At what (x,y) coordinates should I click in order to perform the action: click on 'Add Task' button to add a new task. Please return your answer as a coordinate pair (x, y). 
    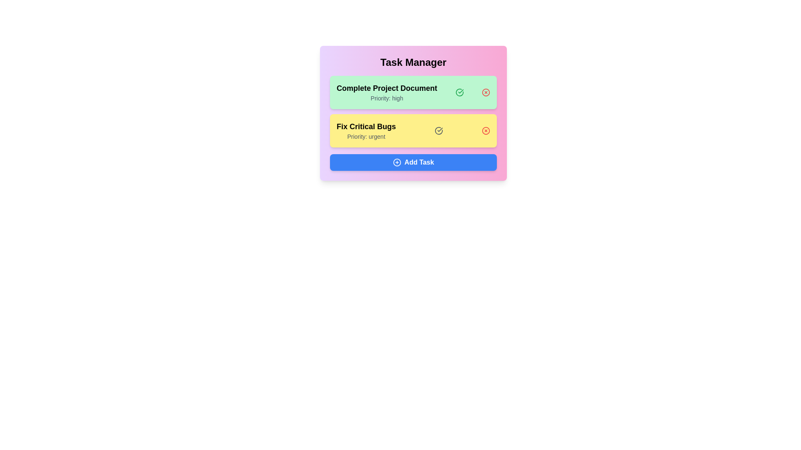
    Looking at the image, I should click on (413, 162).